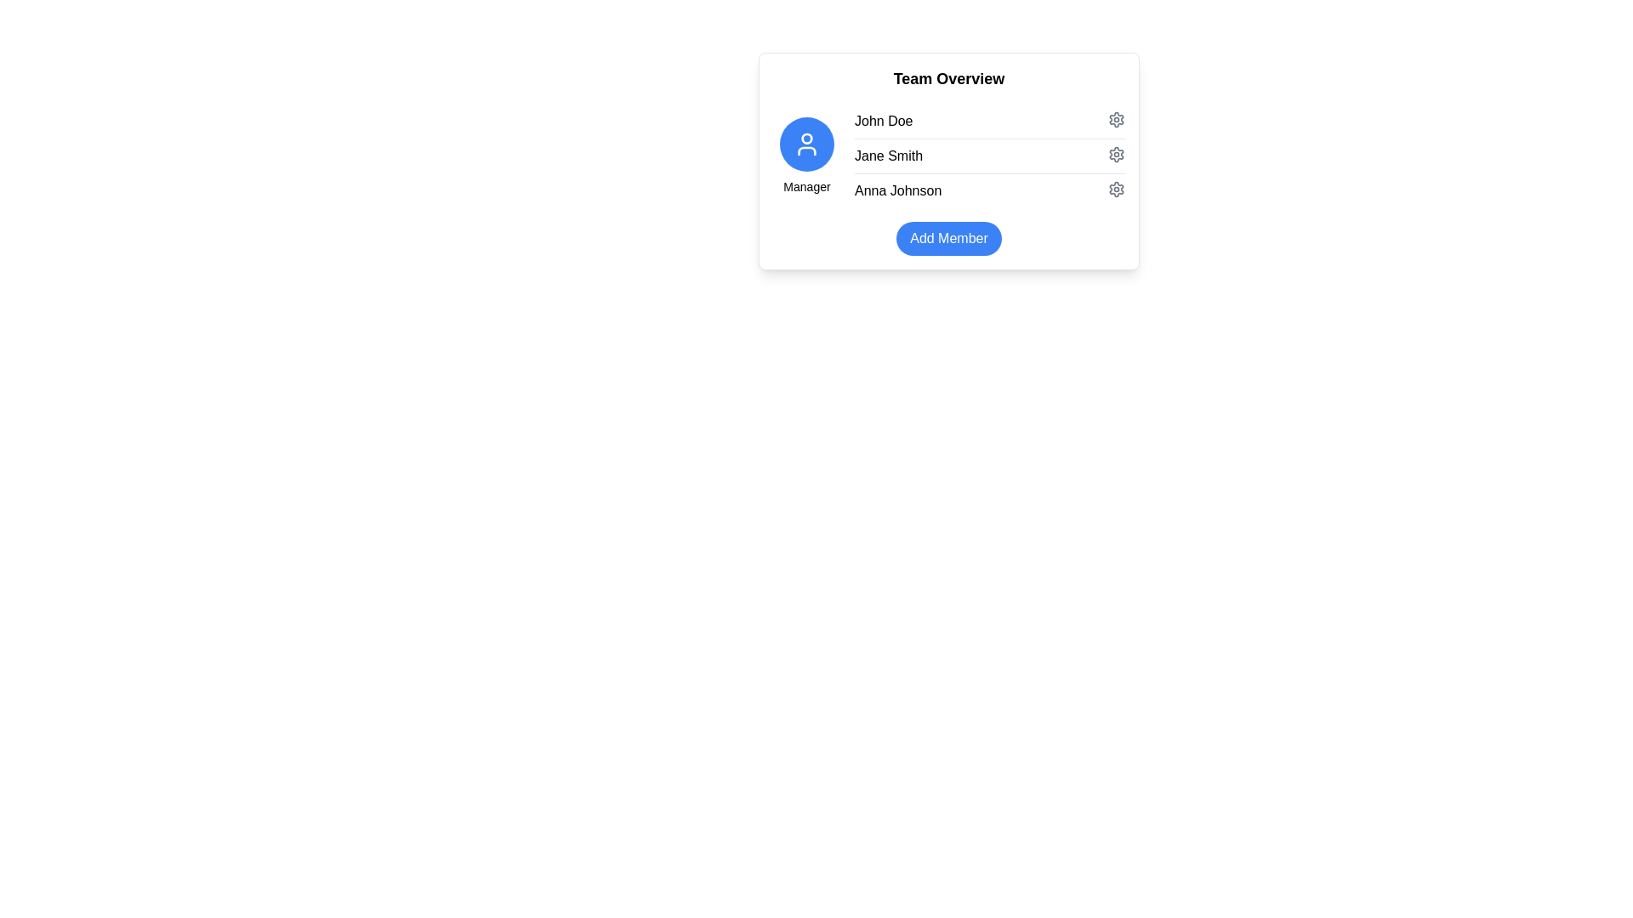  What do you see at coordinates (948, 161) in the screenshot?
I see `the list item displaying 'Jane Smith'` at bounding box center [948, 161].